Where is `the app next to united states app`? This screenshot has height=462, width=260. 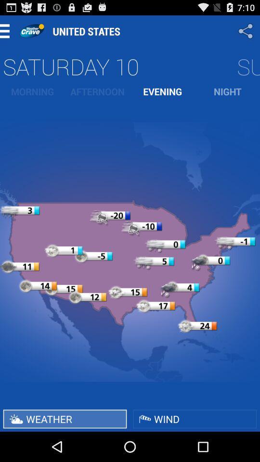
the app next to united states app is located at coordinates (247, 31).